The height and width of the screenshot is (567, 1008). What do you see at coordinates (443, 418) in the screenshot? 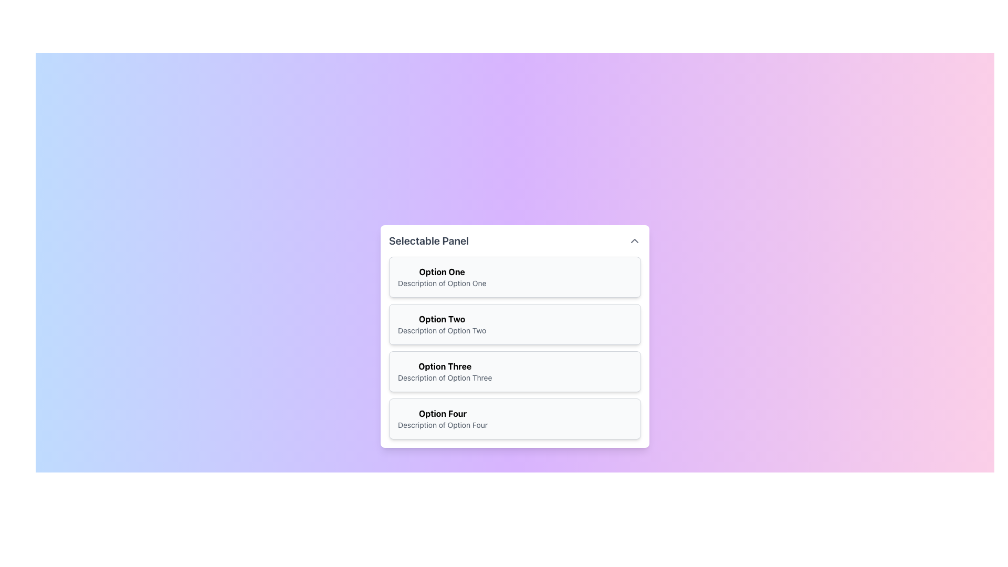
I see `the list item labeled 'Option Four'` at bounding box center [443, 418].